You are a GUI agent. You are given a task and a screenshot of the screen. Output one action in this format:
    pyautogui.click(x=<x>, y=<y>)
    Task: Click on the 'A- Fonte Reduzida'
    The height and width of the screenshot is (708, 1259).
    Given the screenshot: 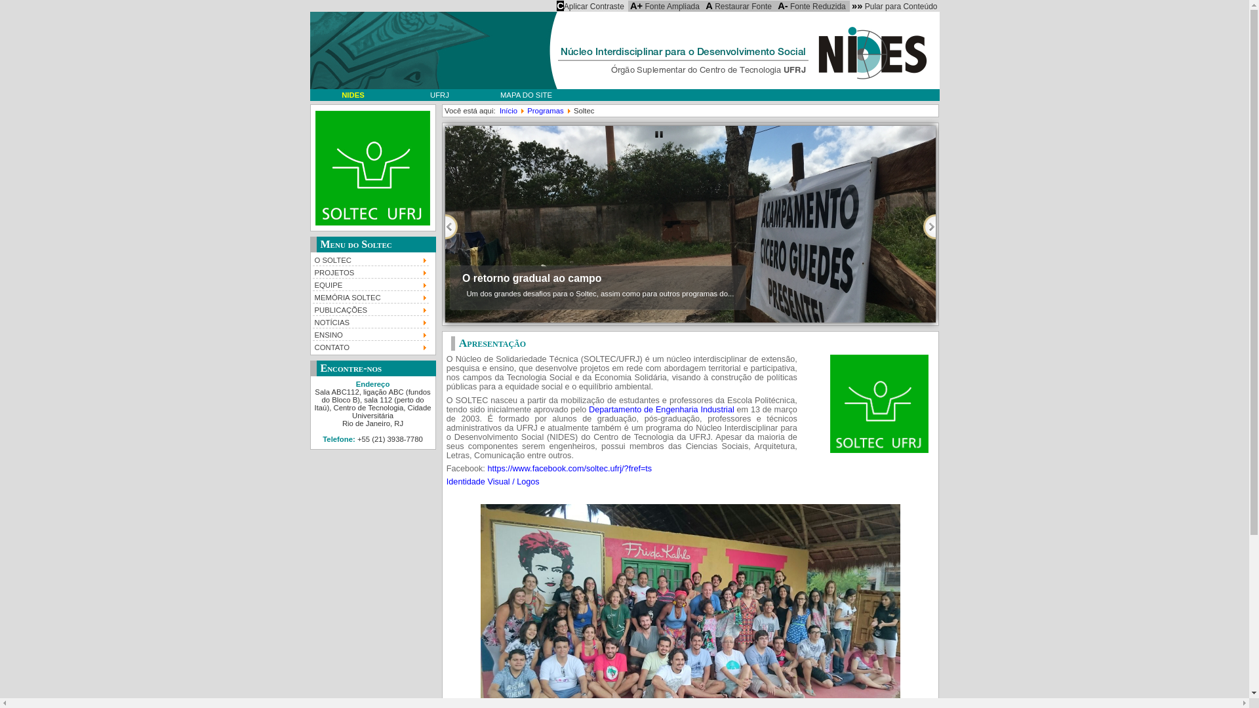 What is the action you would take?
    pyautogui.click(x=811, y=5)
    